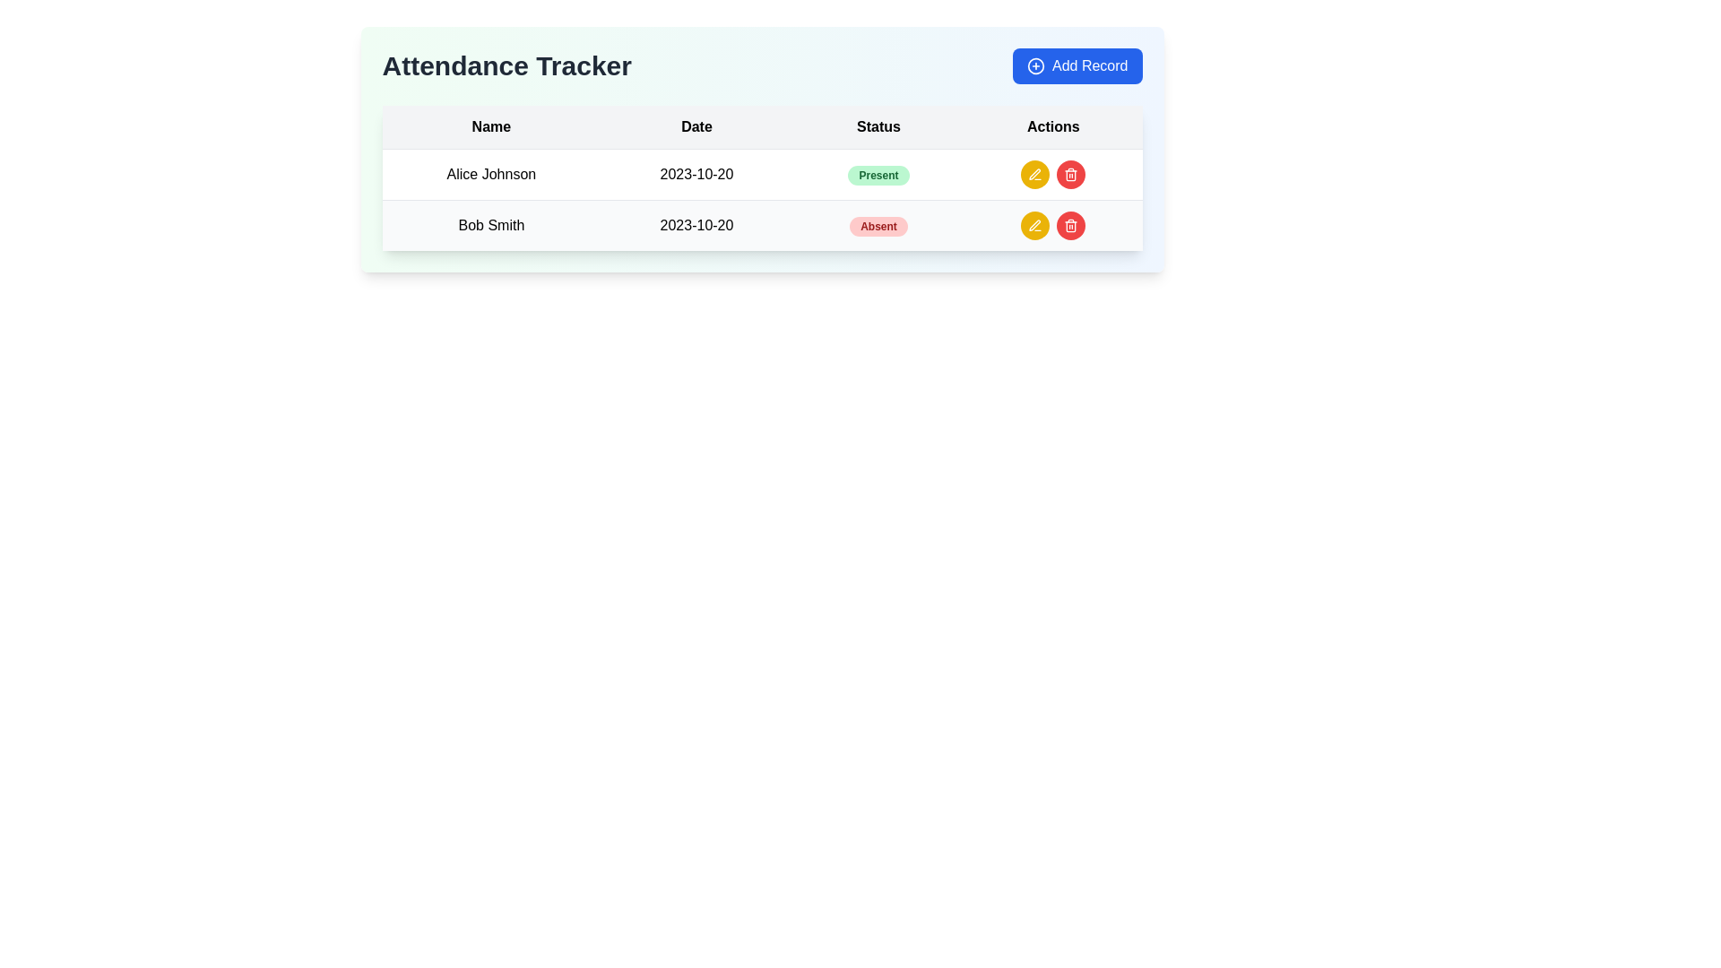  What do you see at coordinates (1035, 175) in the screenshot?
I see `the edit button located in the second row of the 'Actions' column` at bounding box center [1035, 175].